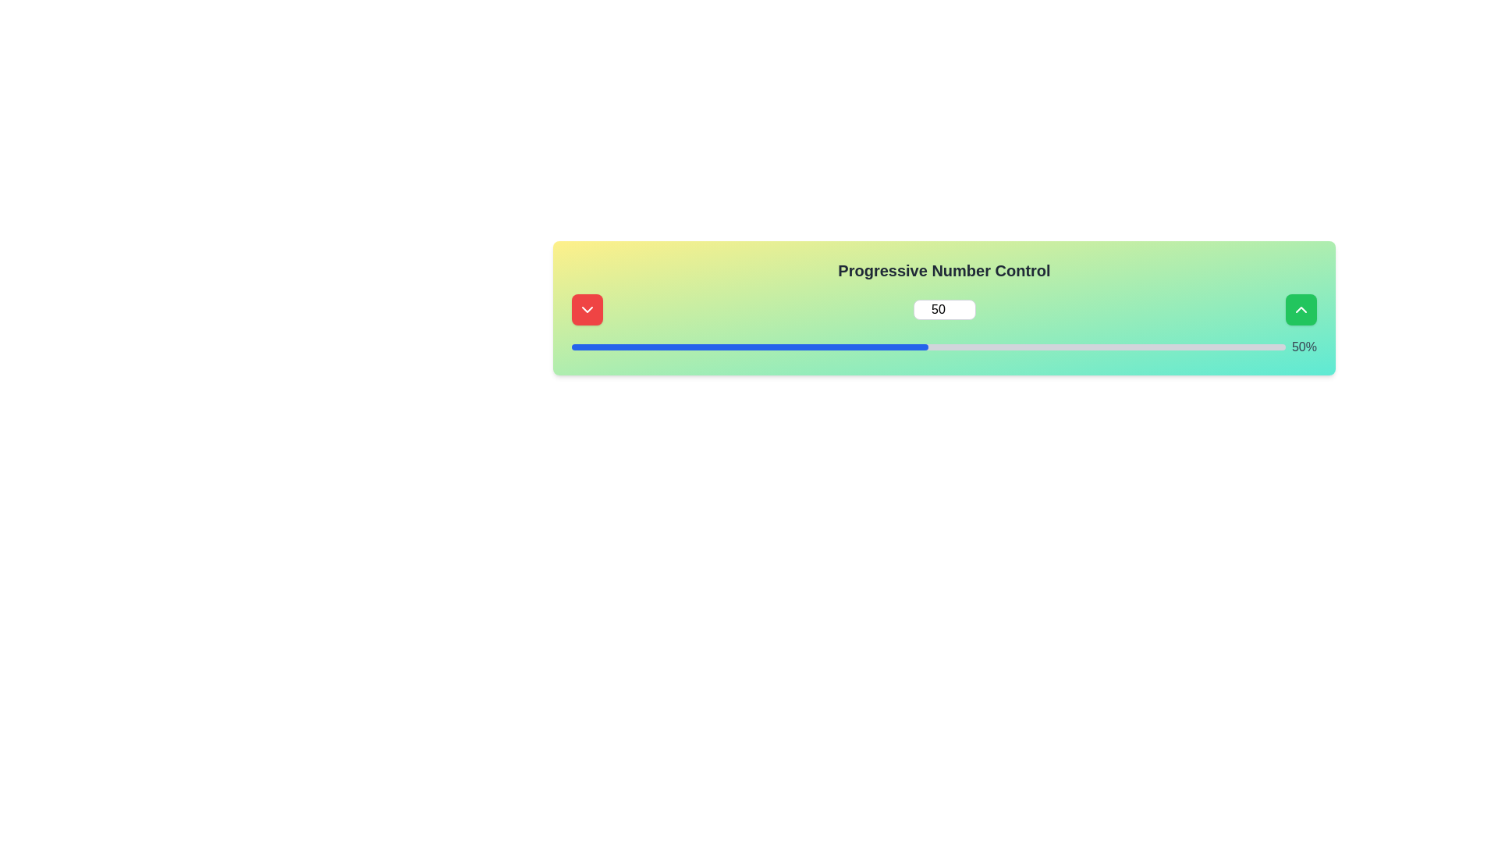  What do you see at coordinates (571, 346) in the screenshot?
I see `the slider value` at bounding box center [571, 346].